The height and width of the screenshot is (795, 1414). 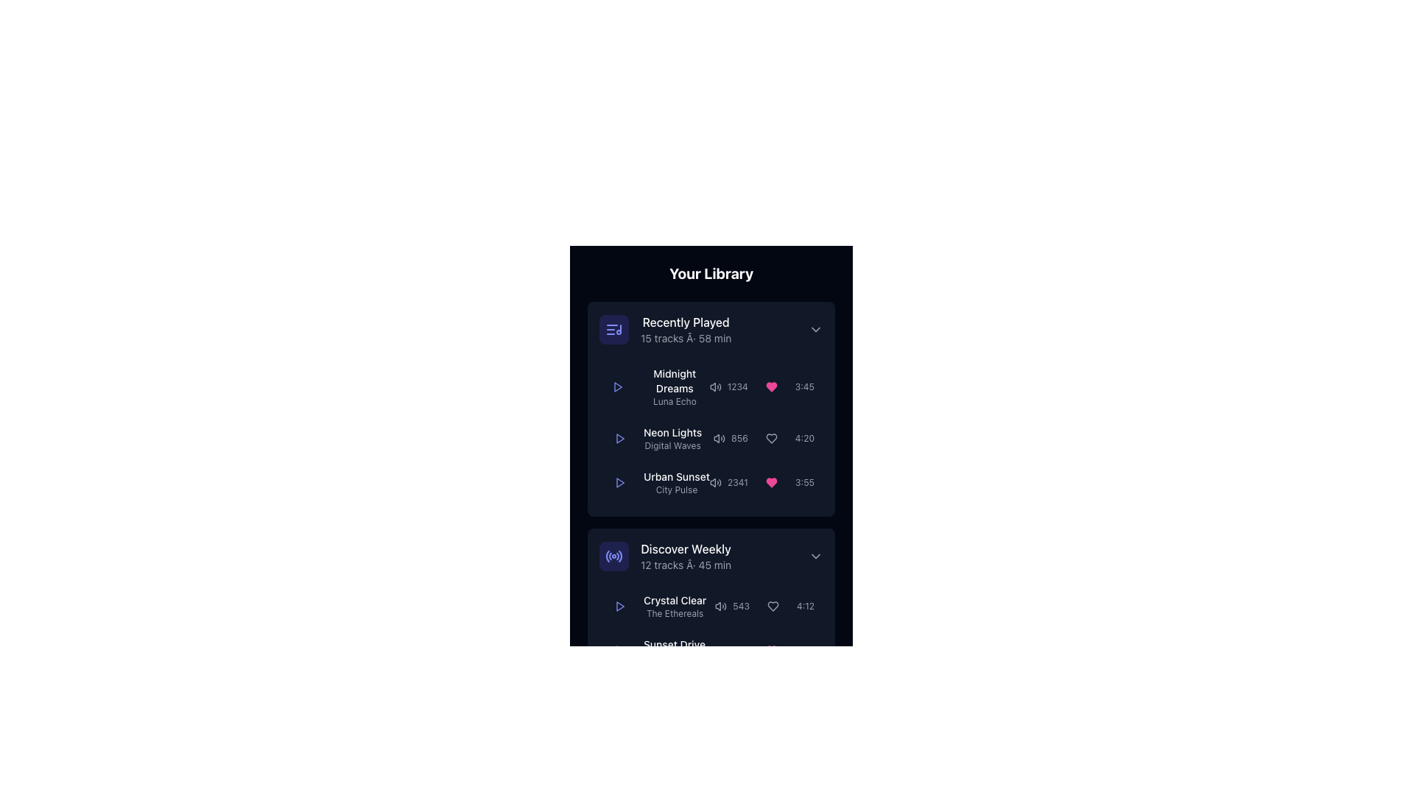 I want to click on the first interactive list item in the 'Recently Played' section to play the 'Midnight Dreams' track, so click(x=711, y=386).